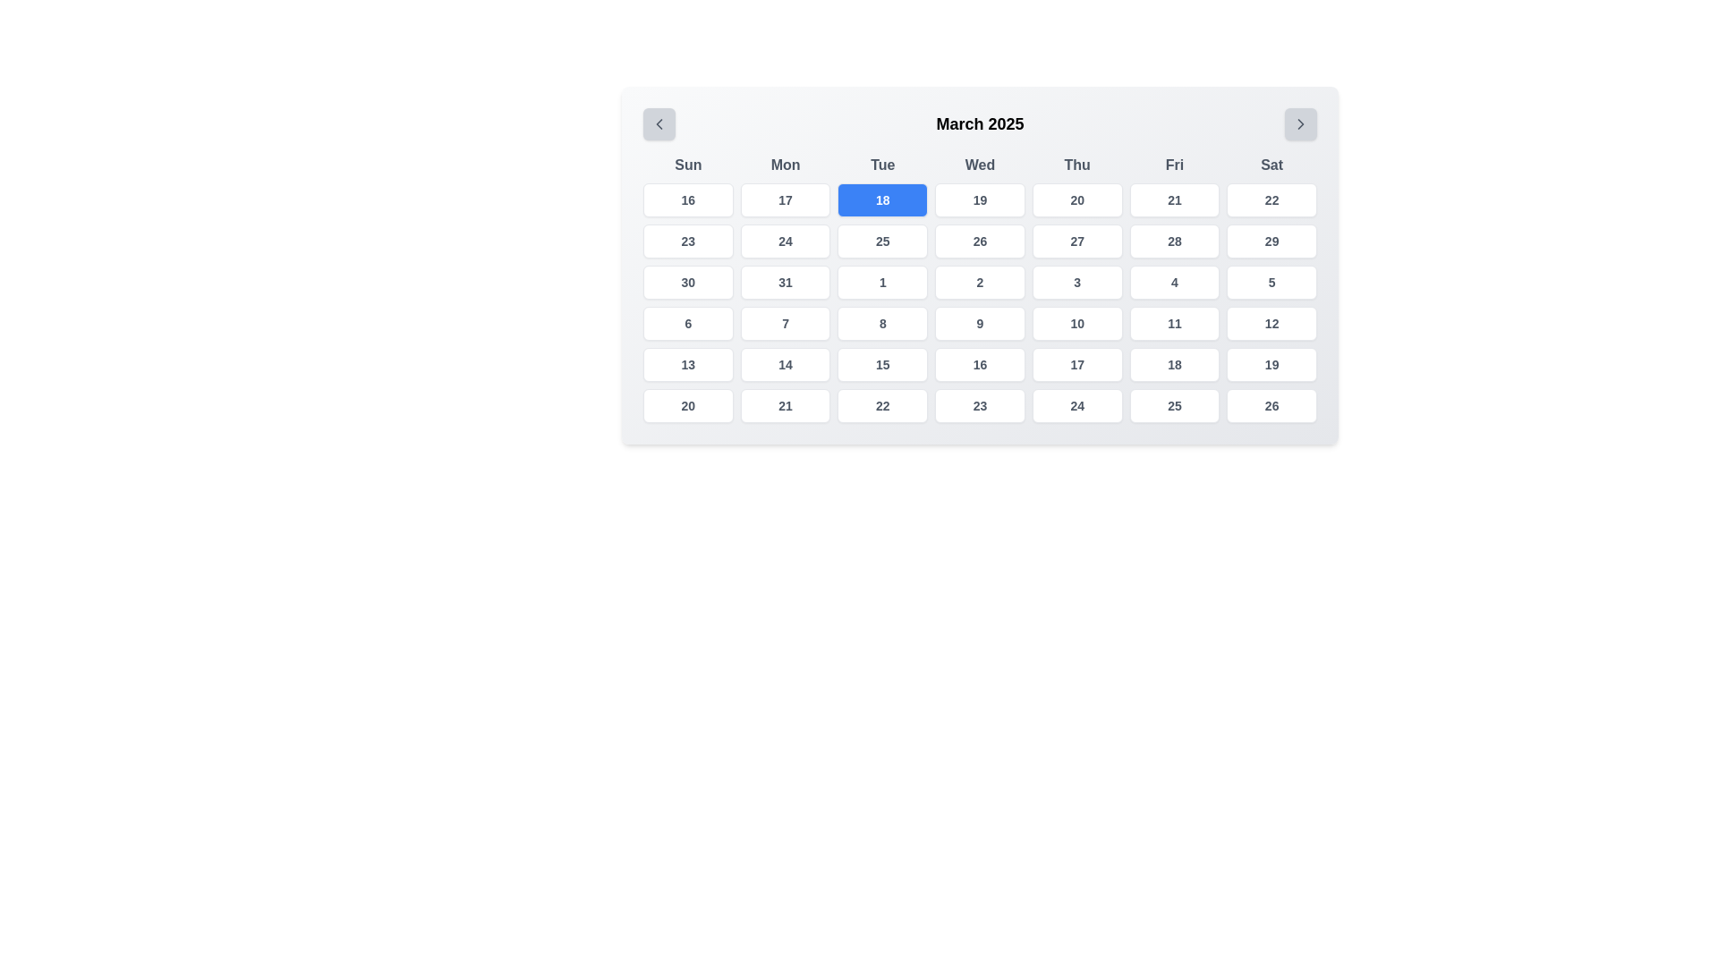 The width and height of the screenshot is (1718, 966). I want to click on the text label displaying the abbreviation 'Sat', which is the last weekday label in a grid layout at the top of the calendar interface, so click(1271, 165).